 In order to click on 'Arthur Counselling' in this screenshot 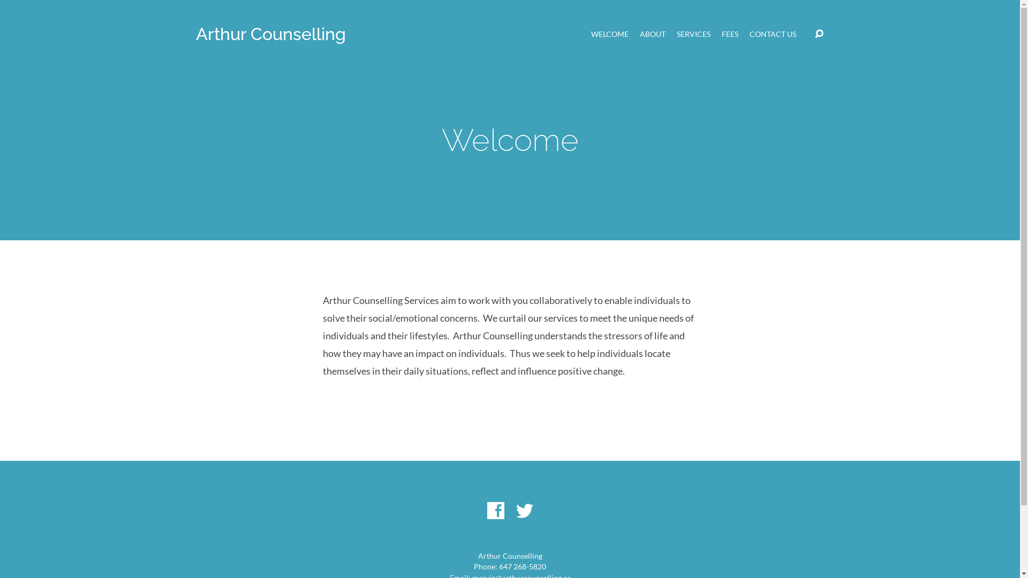, I will do `click(270, 33)`.